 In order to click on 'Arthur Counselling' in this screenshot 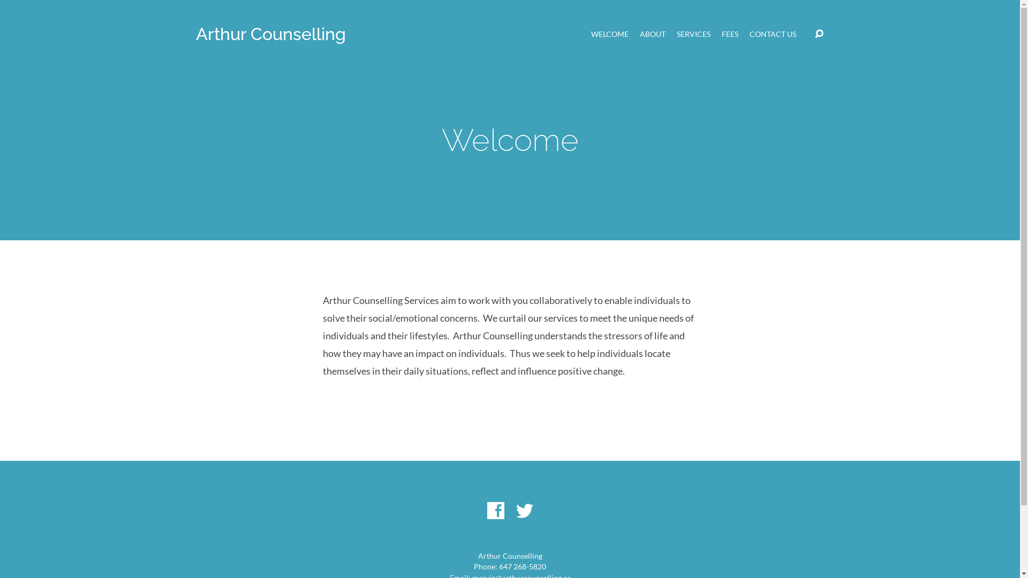, I will do `click(270, 33)`.